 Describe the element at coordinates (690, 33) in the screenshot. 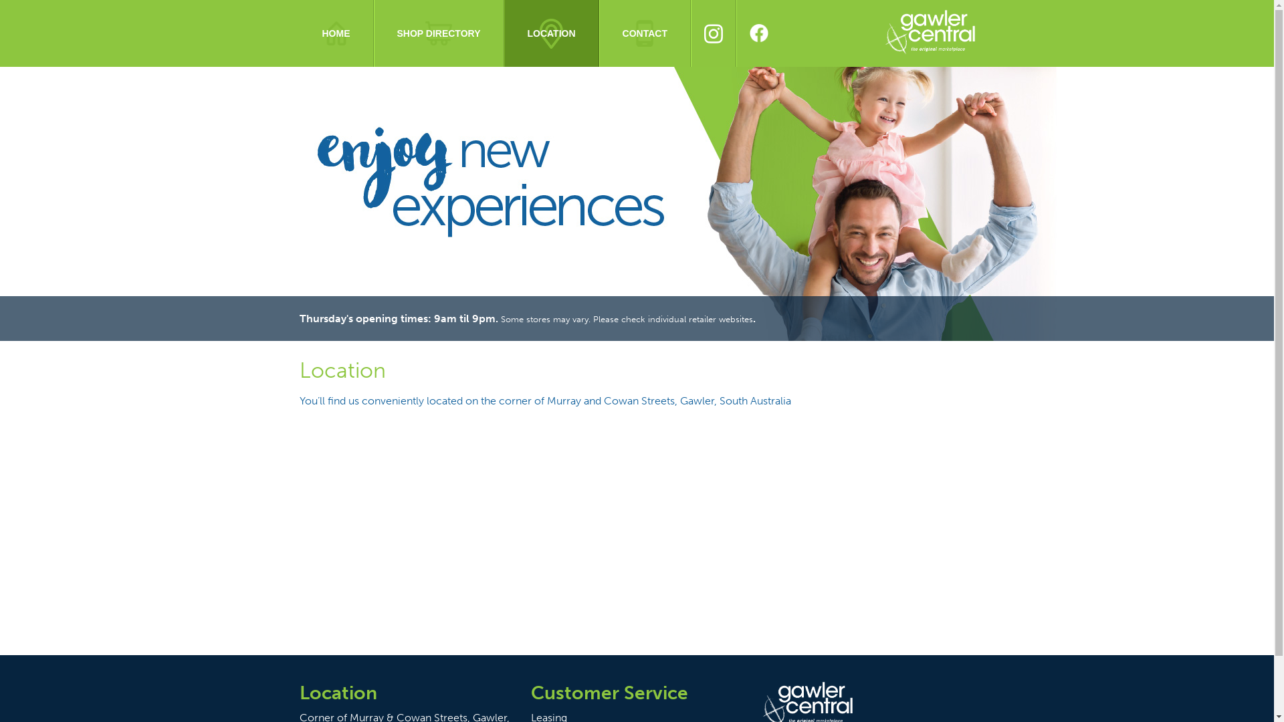

I see `'INSTAGRAM'` at that location.